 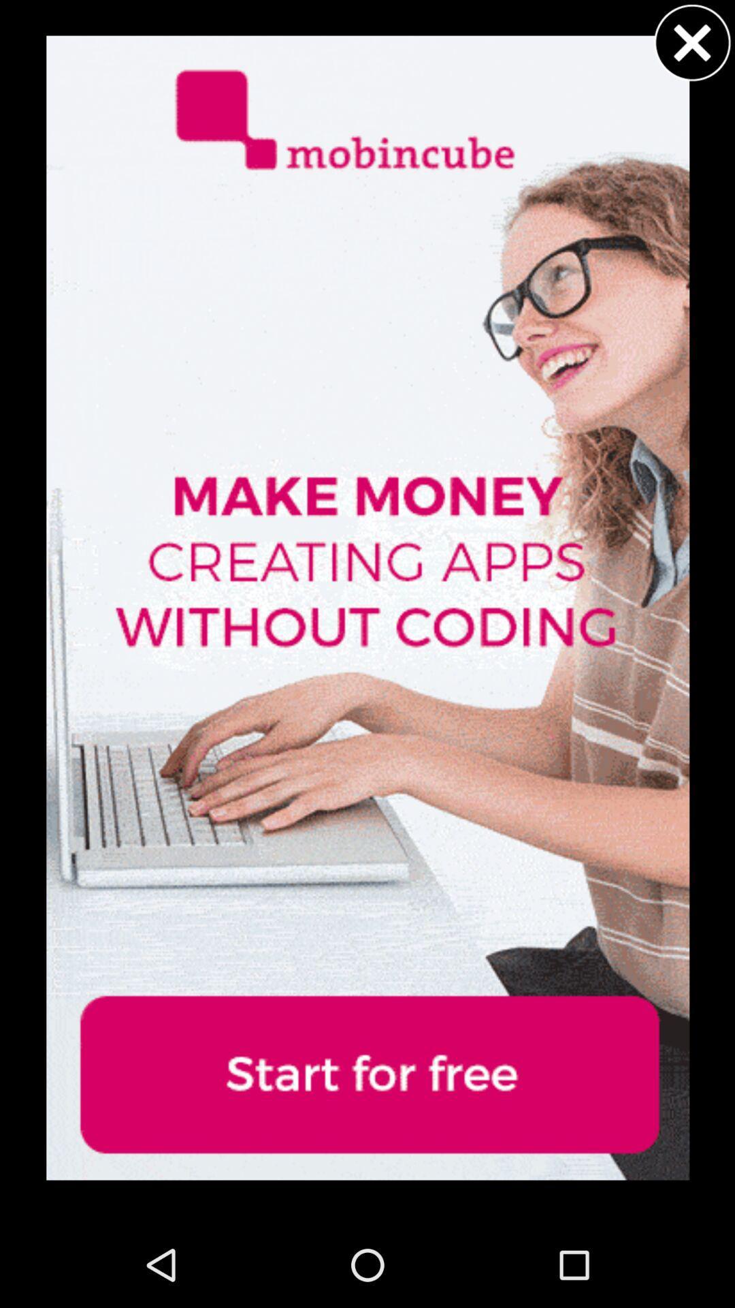 I want to click on caress buttons for advertisement, so click(x=692, y=42).